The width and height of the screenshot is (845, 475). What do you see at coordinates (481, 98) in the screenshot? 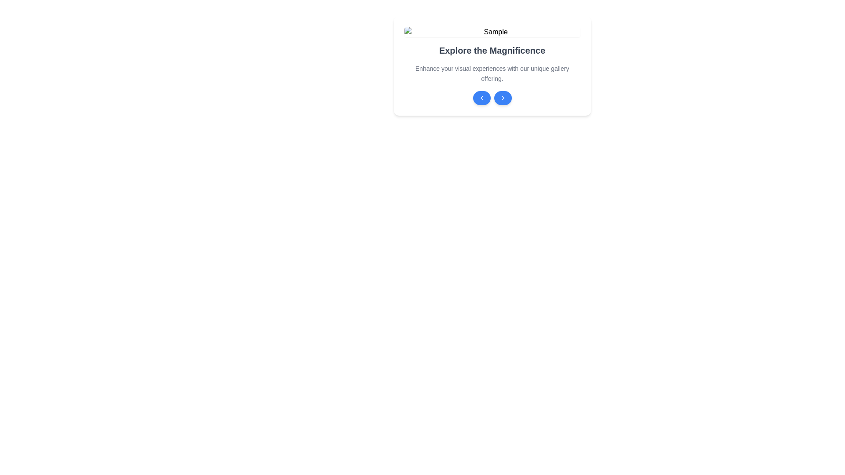
I see `the left navigation icon, which is part of a circular button located to the left of a right-pointing chevron button` at bounding box center [481, 98].